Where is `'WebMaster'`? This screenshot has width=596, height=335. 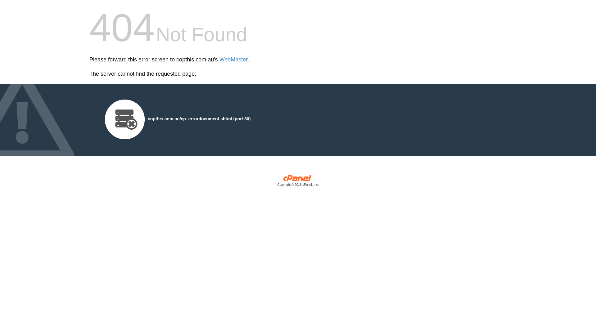
'WebMaster' is located at coordinates (233, 60).